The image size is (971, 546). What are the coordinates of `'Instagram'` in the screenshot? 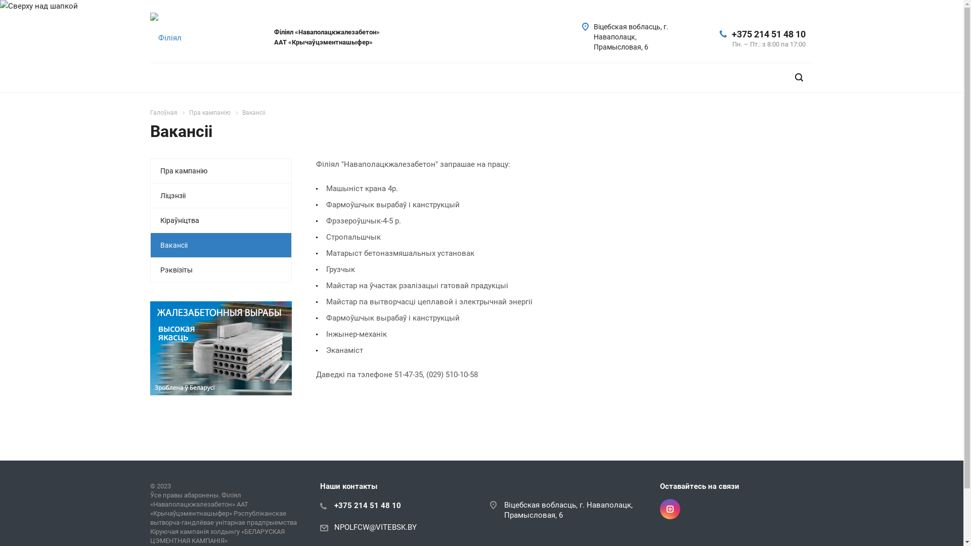 It's located at (659, 509).